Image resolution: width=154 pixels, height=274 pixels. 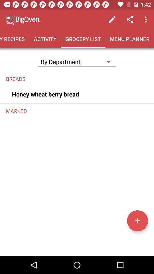 What do you see at coordinates (137, 220) in the screenshot?
I see `item in grocery list` at bounding box center [137, 220].